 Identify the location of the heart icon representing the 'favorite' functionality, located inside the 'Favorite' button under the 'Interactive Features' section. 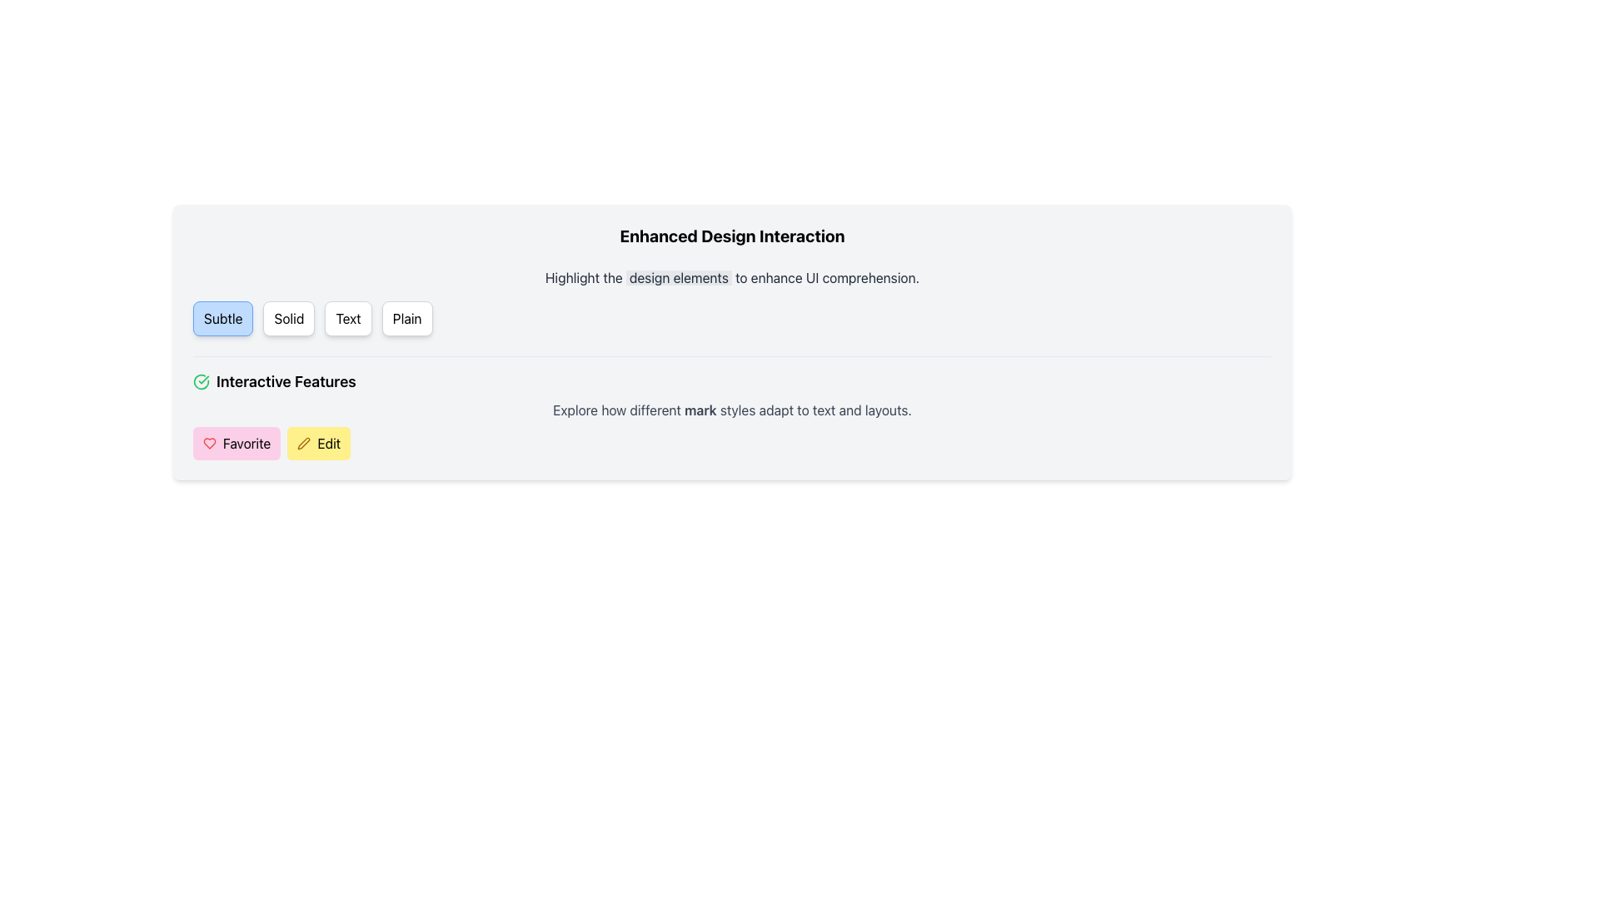
(209, 442).